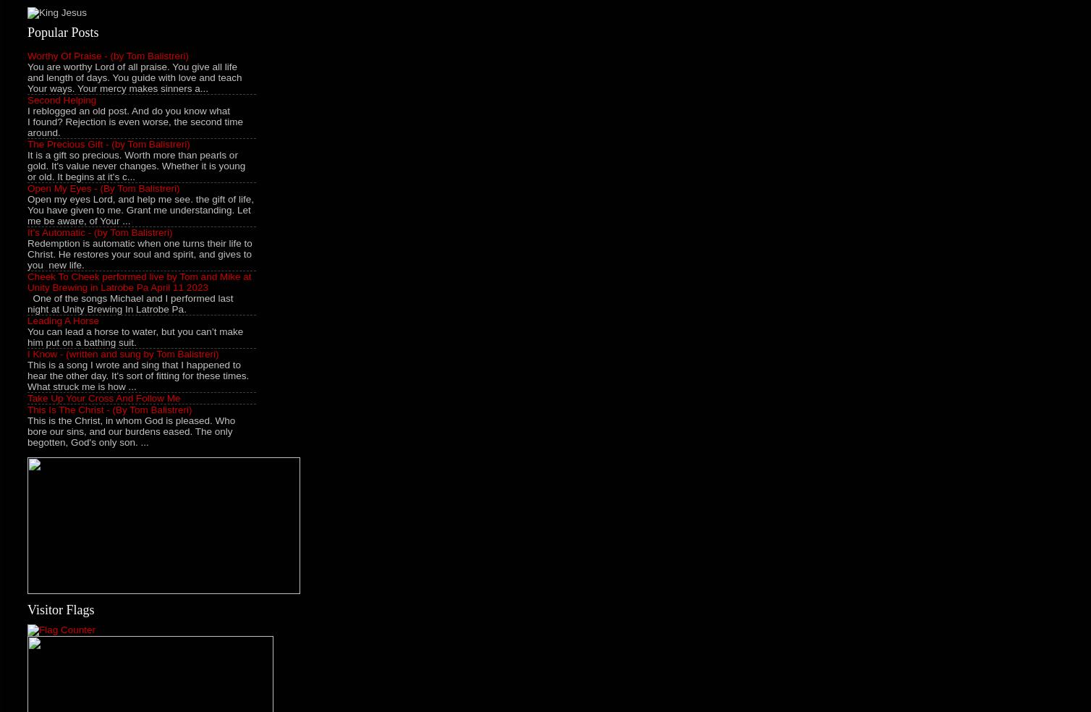 This screenshot has height=712, width=1091. What do you see at coordinates (130, 302) in the screenshot?
I see `'One of the songs Michael and I performed last night at Unity Brewing In Latrobe Pa.'` at bounding box center [130, 302].